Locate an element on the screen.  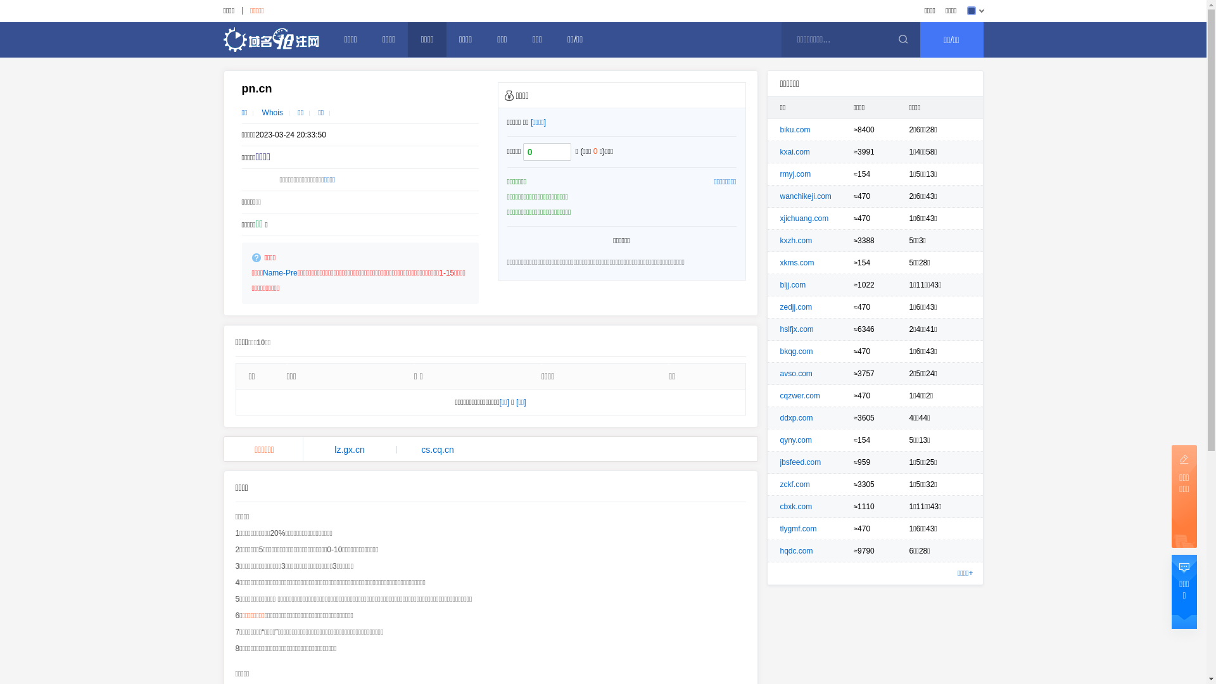
'xjichuang.com' is located at coordinates (804, 217).